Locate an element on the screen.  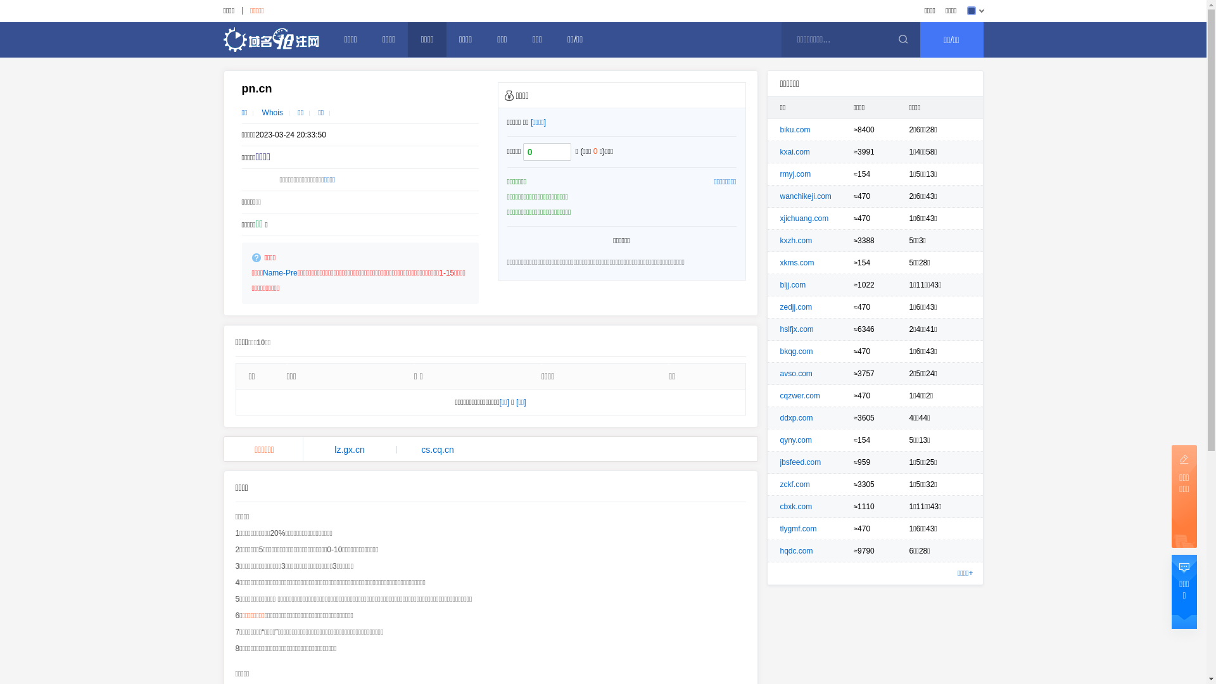
'xjichuang.com' is located at coordinates (804, 217).